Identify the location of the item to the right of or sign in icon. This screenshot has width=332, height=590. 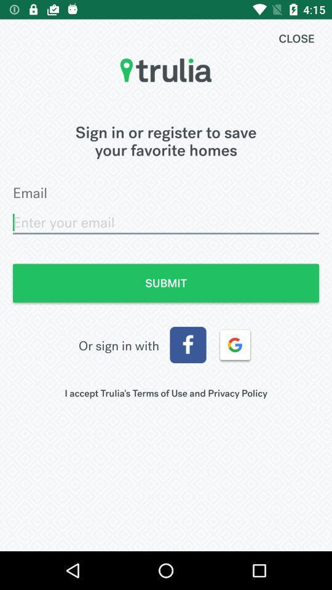
(188, 345).